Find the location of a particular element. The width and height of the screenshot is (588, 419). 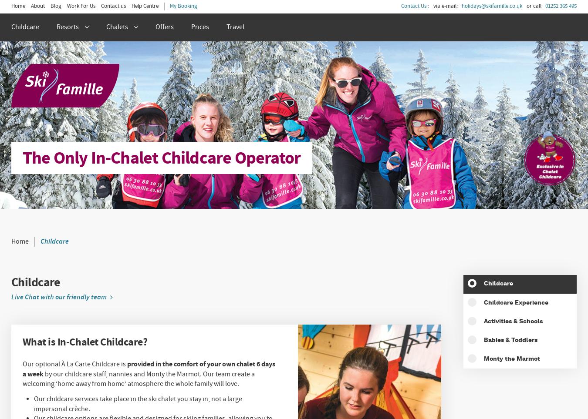

'Chalet Bacall' is located at coordinates (19, 179).